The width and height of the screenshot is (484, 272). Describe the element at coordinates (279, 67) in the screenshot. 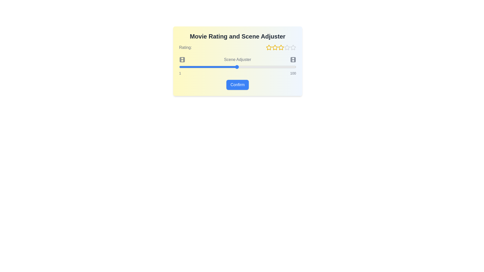

I see `the scene slider to 86` at that location.